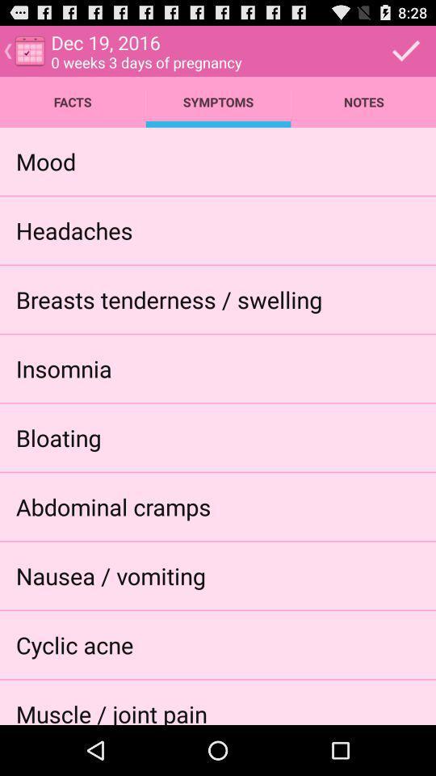 This screenshot has height=776, width=436. Describe the element at coordinates (110, 576) in the screenshot. I see `the item below the abdominal cramps app` at that location.